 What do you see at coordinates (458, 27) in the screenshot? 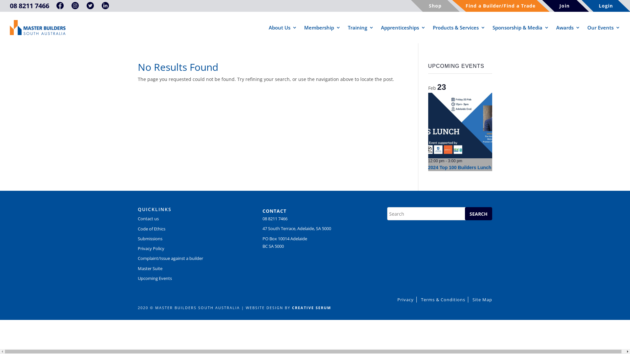
I see `'Products & Services'` at bounding box center [458, 27].